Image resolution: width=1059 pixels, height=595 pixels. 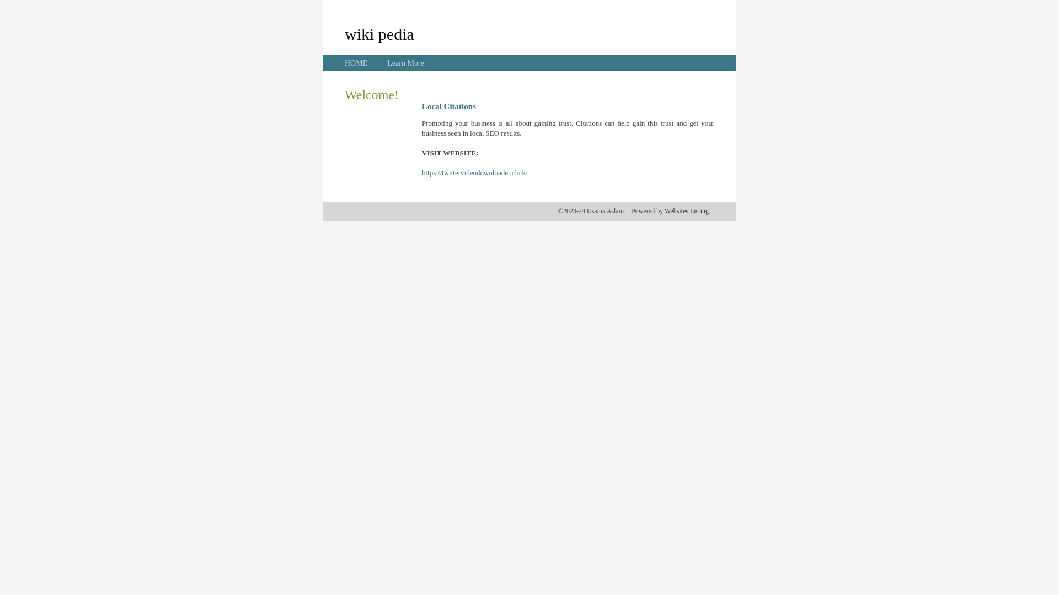 What do you see at coordinates (474, 172) in the screenshot?
I see `'https://twittervideodownloader.click/'` at bounding box center [474, 172].